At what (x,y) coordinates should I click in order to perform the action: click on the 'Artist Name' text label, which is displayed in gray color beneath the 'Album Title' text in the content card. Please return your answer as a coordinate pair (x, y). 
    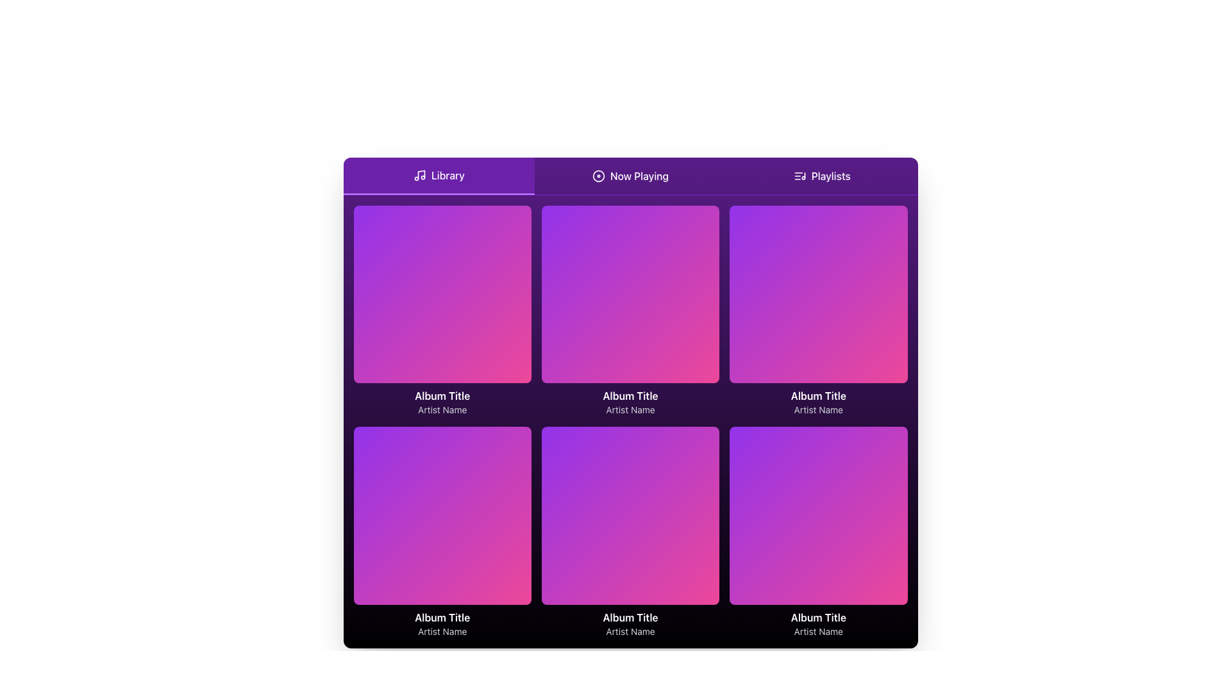
    Looking at the image, I should click on (442, 630).